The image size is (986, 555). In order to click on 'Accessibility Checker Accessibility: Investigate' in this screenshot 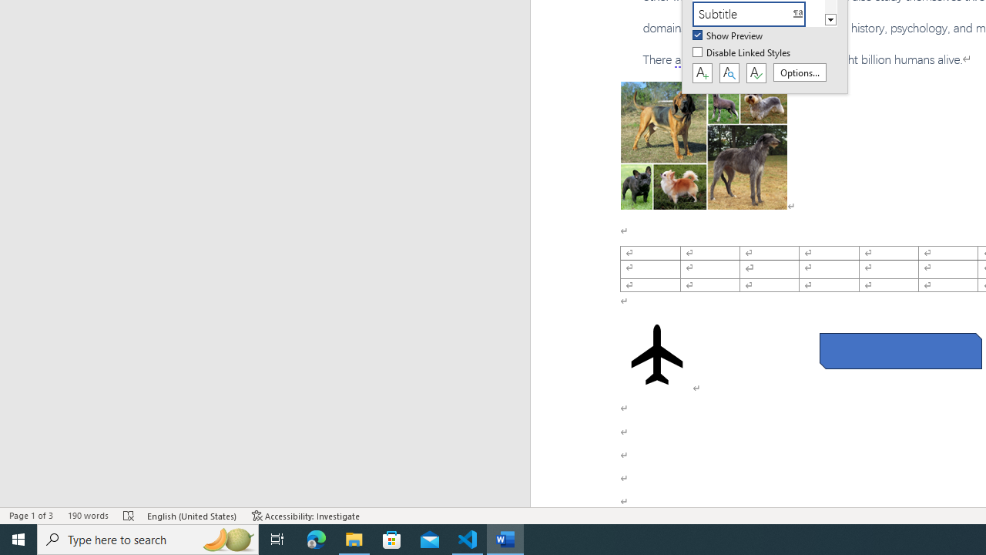, I will do `click(306, 516)`.